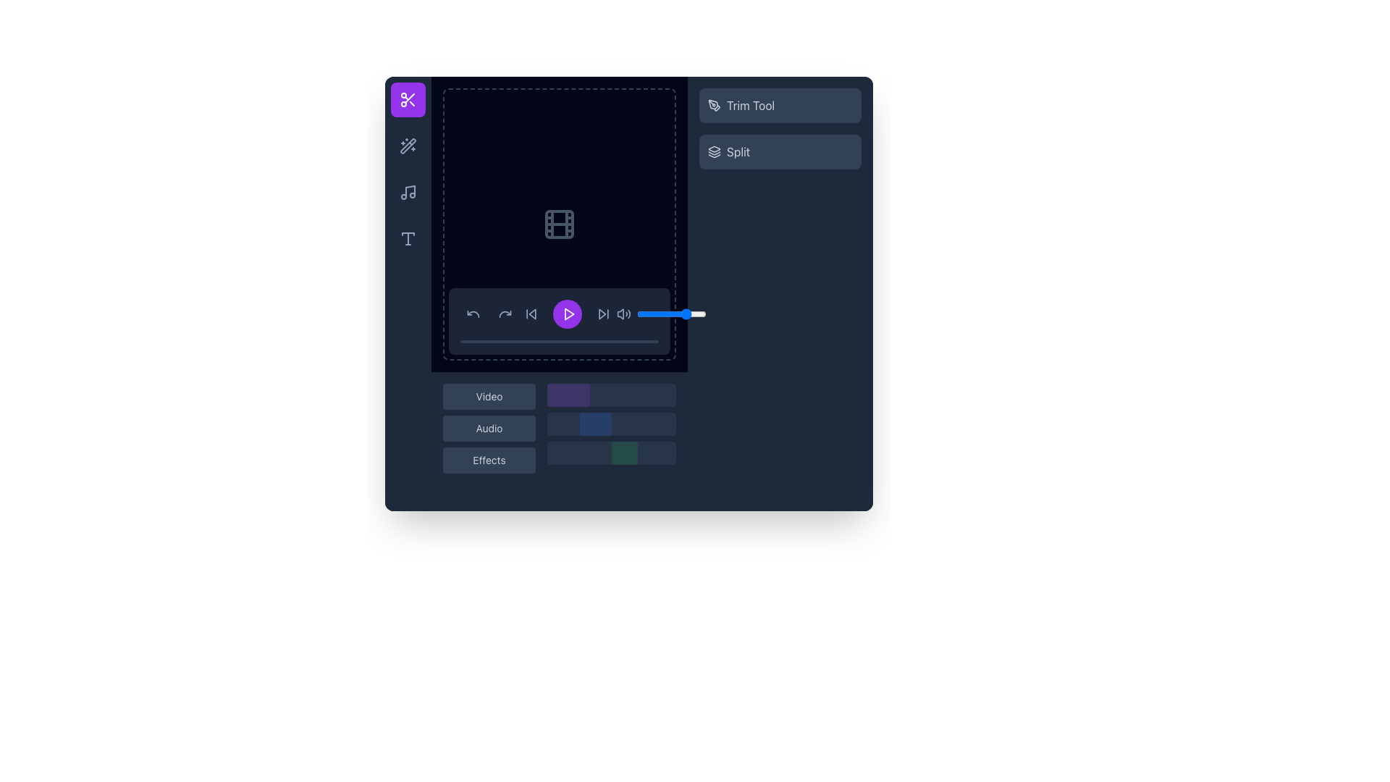 Image resolution: width=1390 pixels, height=782 pixels. I want to click on the undo icon button, which is the first icon in the toolbar at the center-bottom of the interface, so click(473, 314).